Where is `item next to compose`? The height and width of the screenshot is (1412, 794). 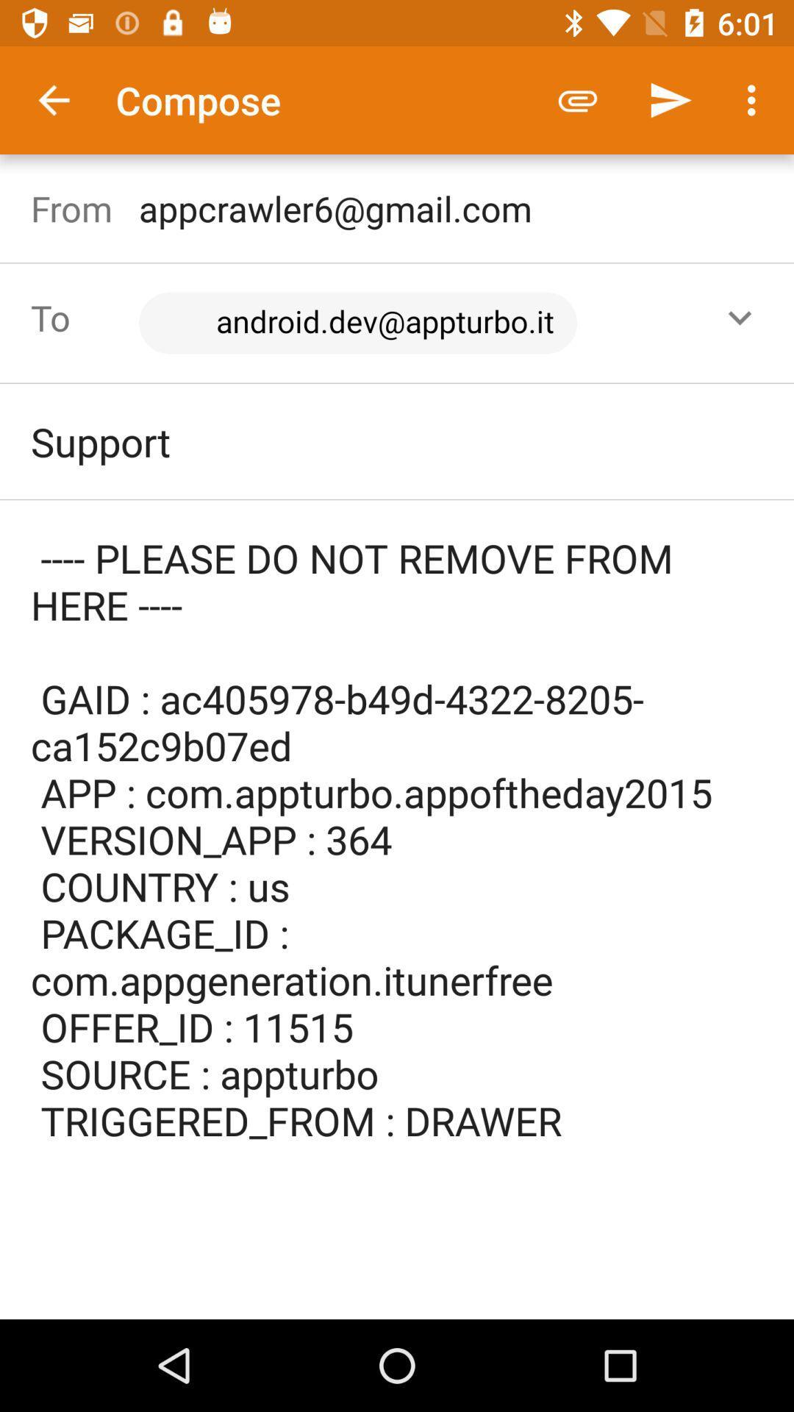 item next to compose is located at coordinates (53, 99).